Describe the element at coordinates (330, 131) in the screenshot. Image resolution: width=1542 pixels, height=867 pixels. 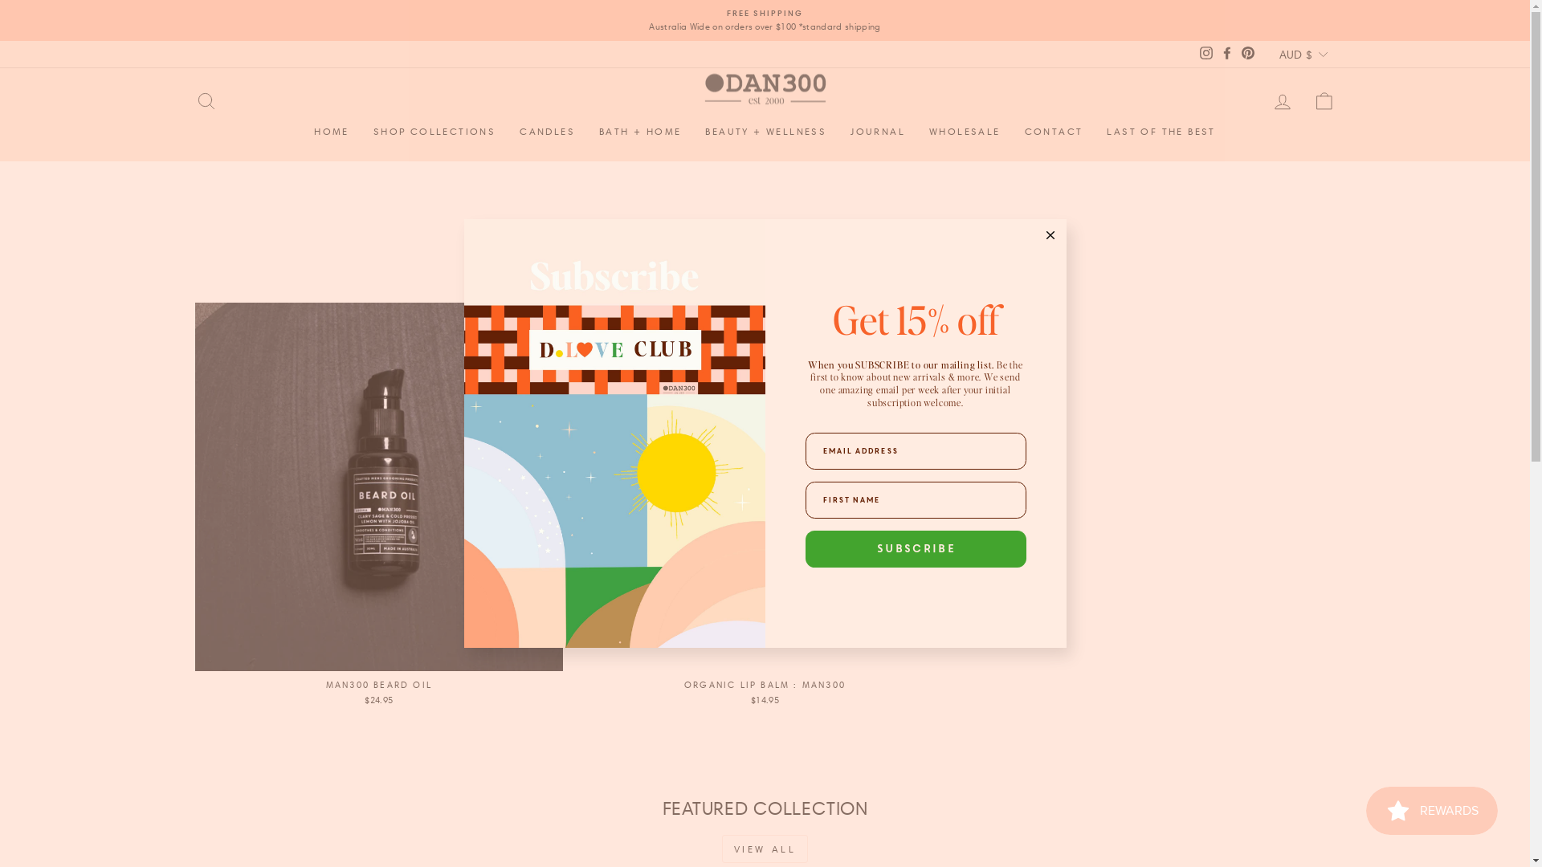
I see `'HOME'` at that location.